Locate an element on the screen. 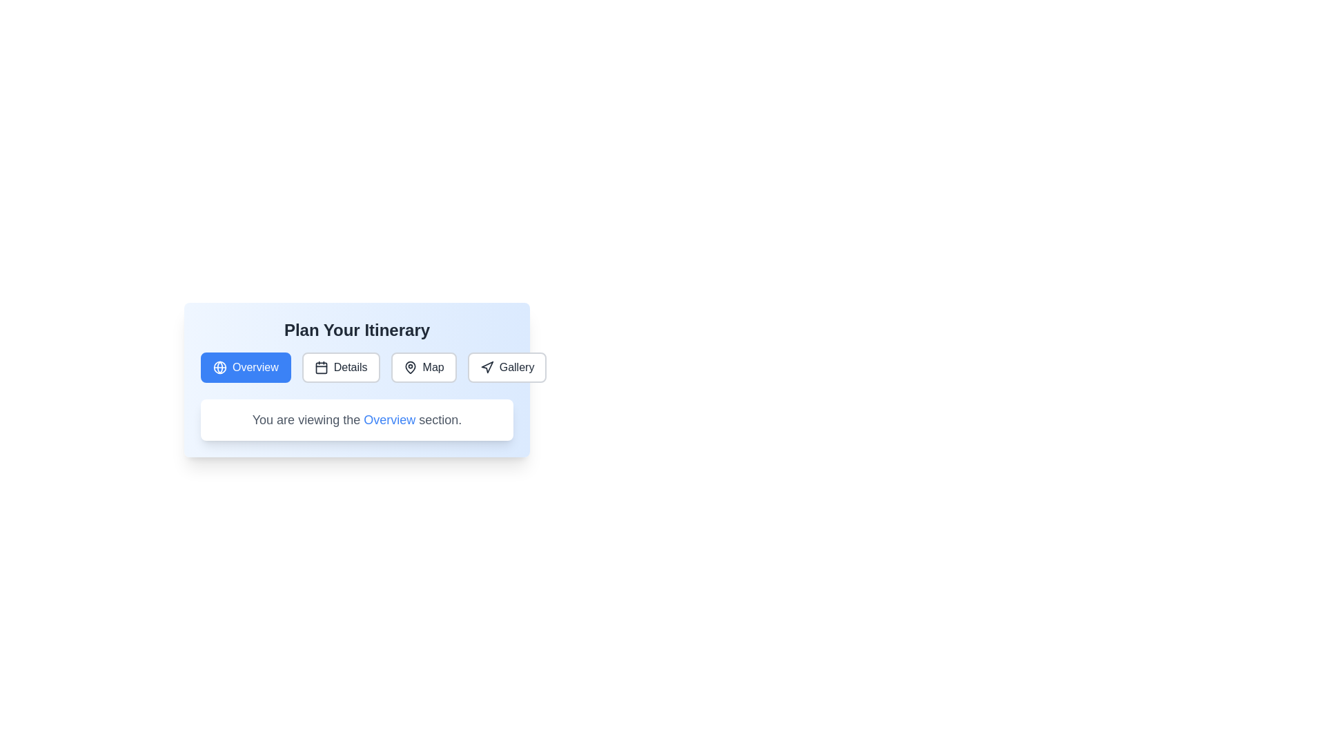 The height and width of the screenshot is (745, 1325). the Circle element inside the globe icon, which is located to the left of the 'Overview' button in the top navigation bar is located at coordinates (219, 366).